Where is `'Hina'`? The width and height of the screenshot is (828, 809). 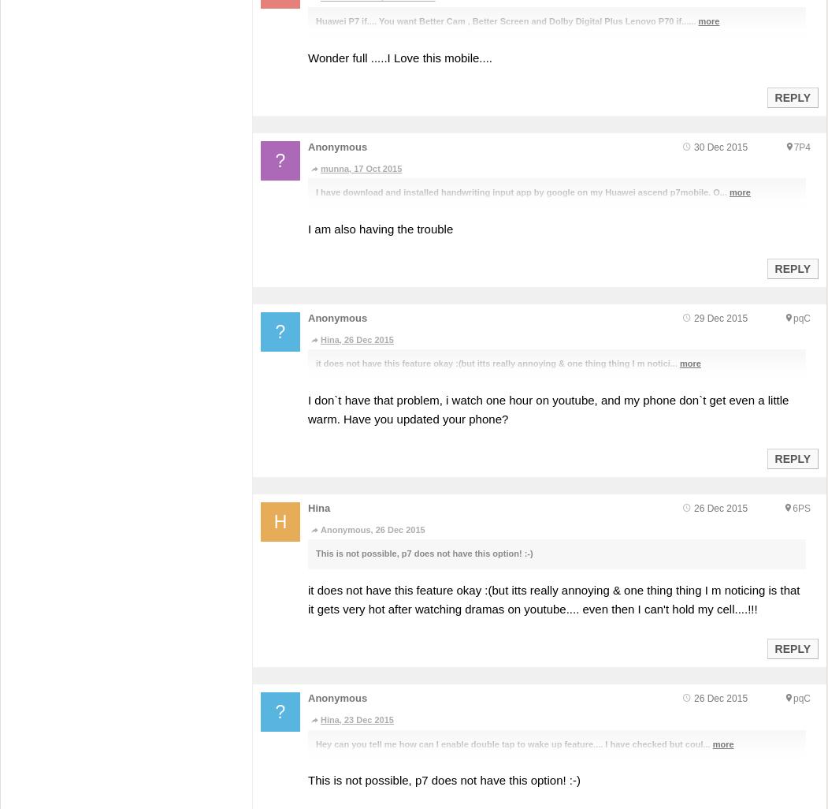
'Hina' is located at coordinates (317, 507).